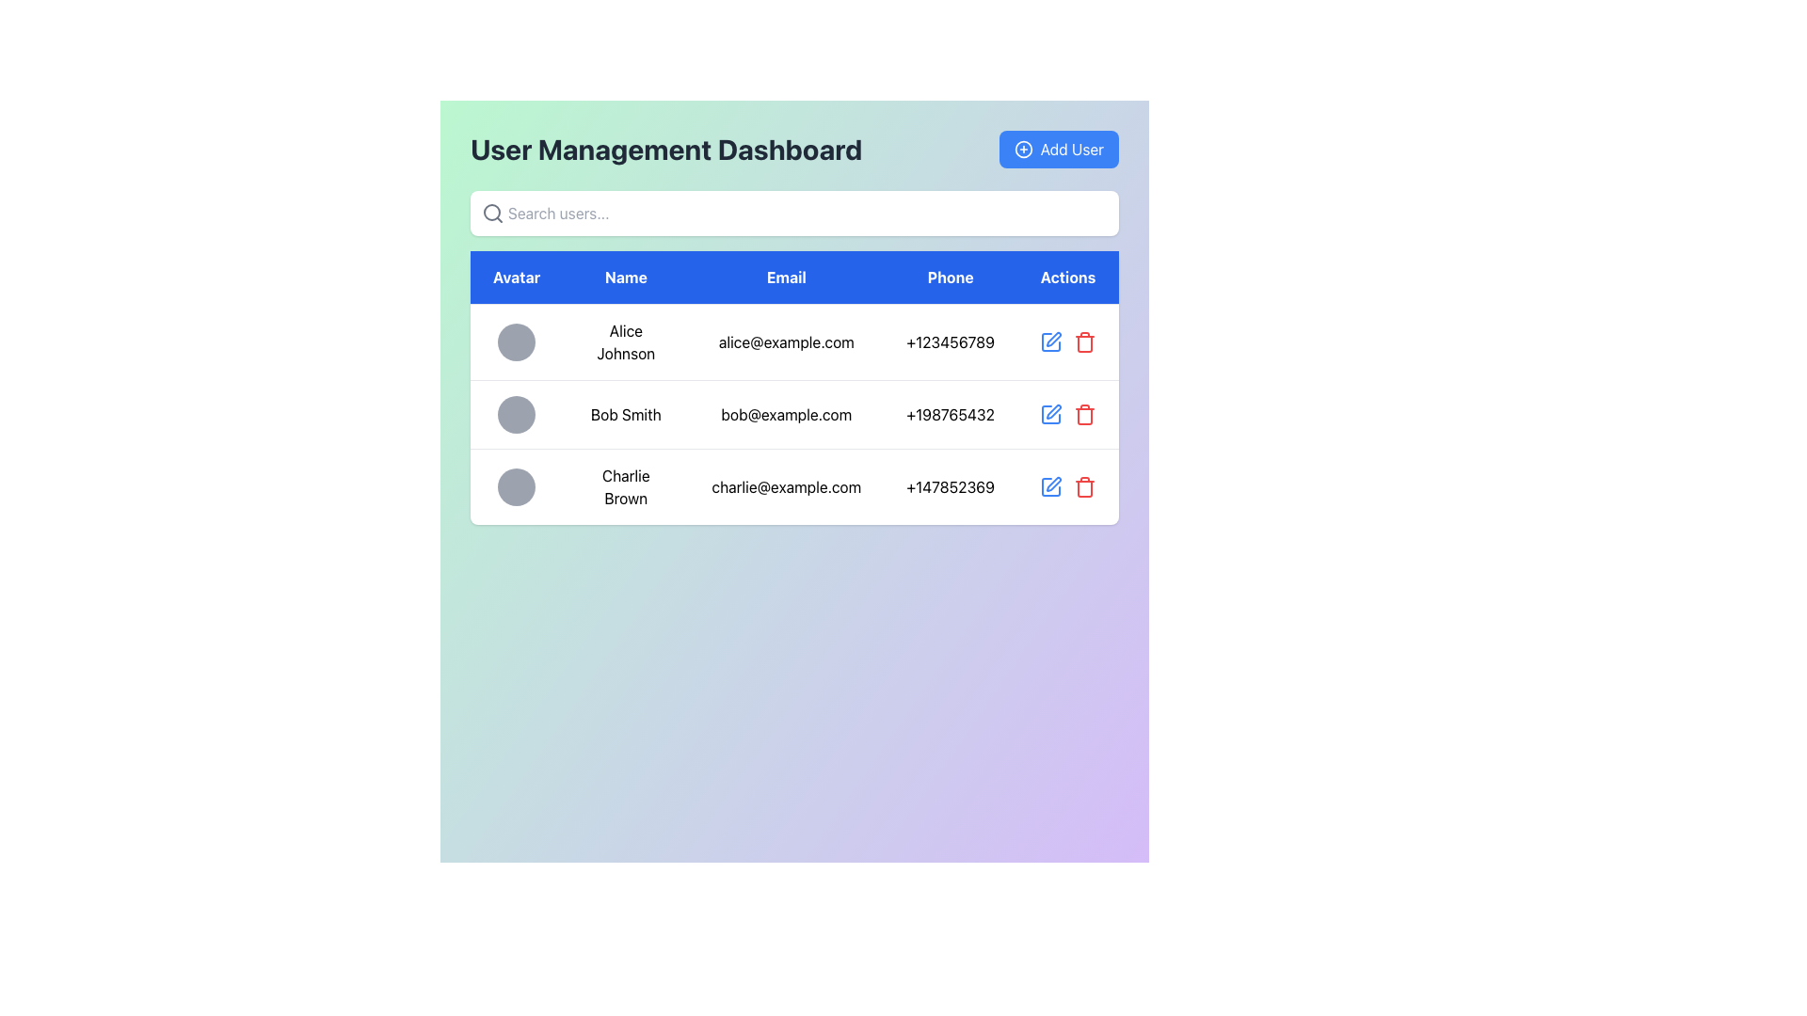 The height and width of the screenshot is (1016, 1807). Describe the element at coordinates (1052, 340) in the screenshot. I see `the pen icon button in the 'Actions' column of the user management dashboard` at that location.